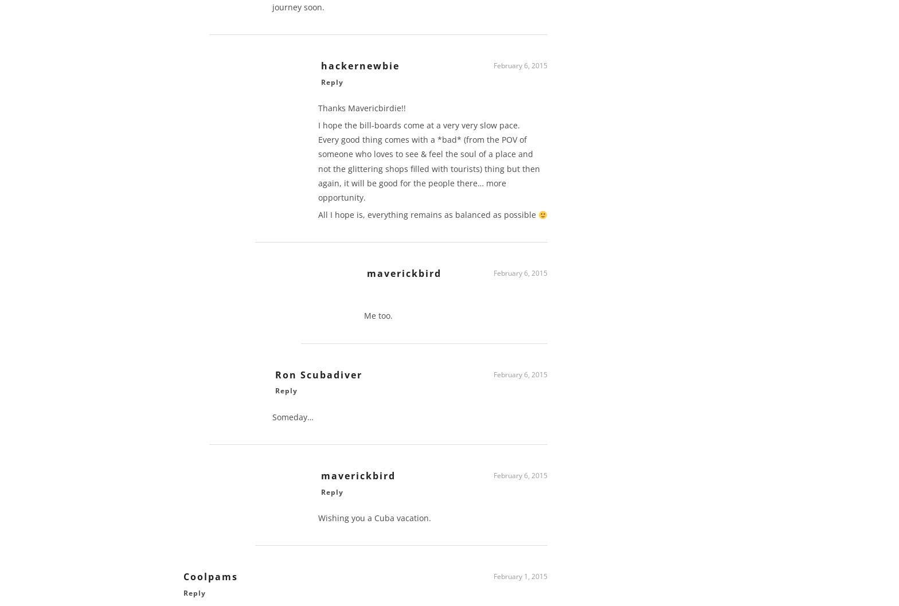 This screenshot has height=606, width=899. What do you see at coordinates (318, 522) in the screenshot?
I see `'Wishing you a Cuba vacation.'` at bounding box center [318, 522].